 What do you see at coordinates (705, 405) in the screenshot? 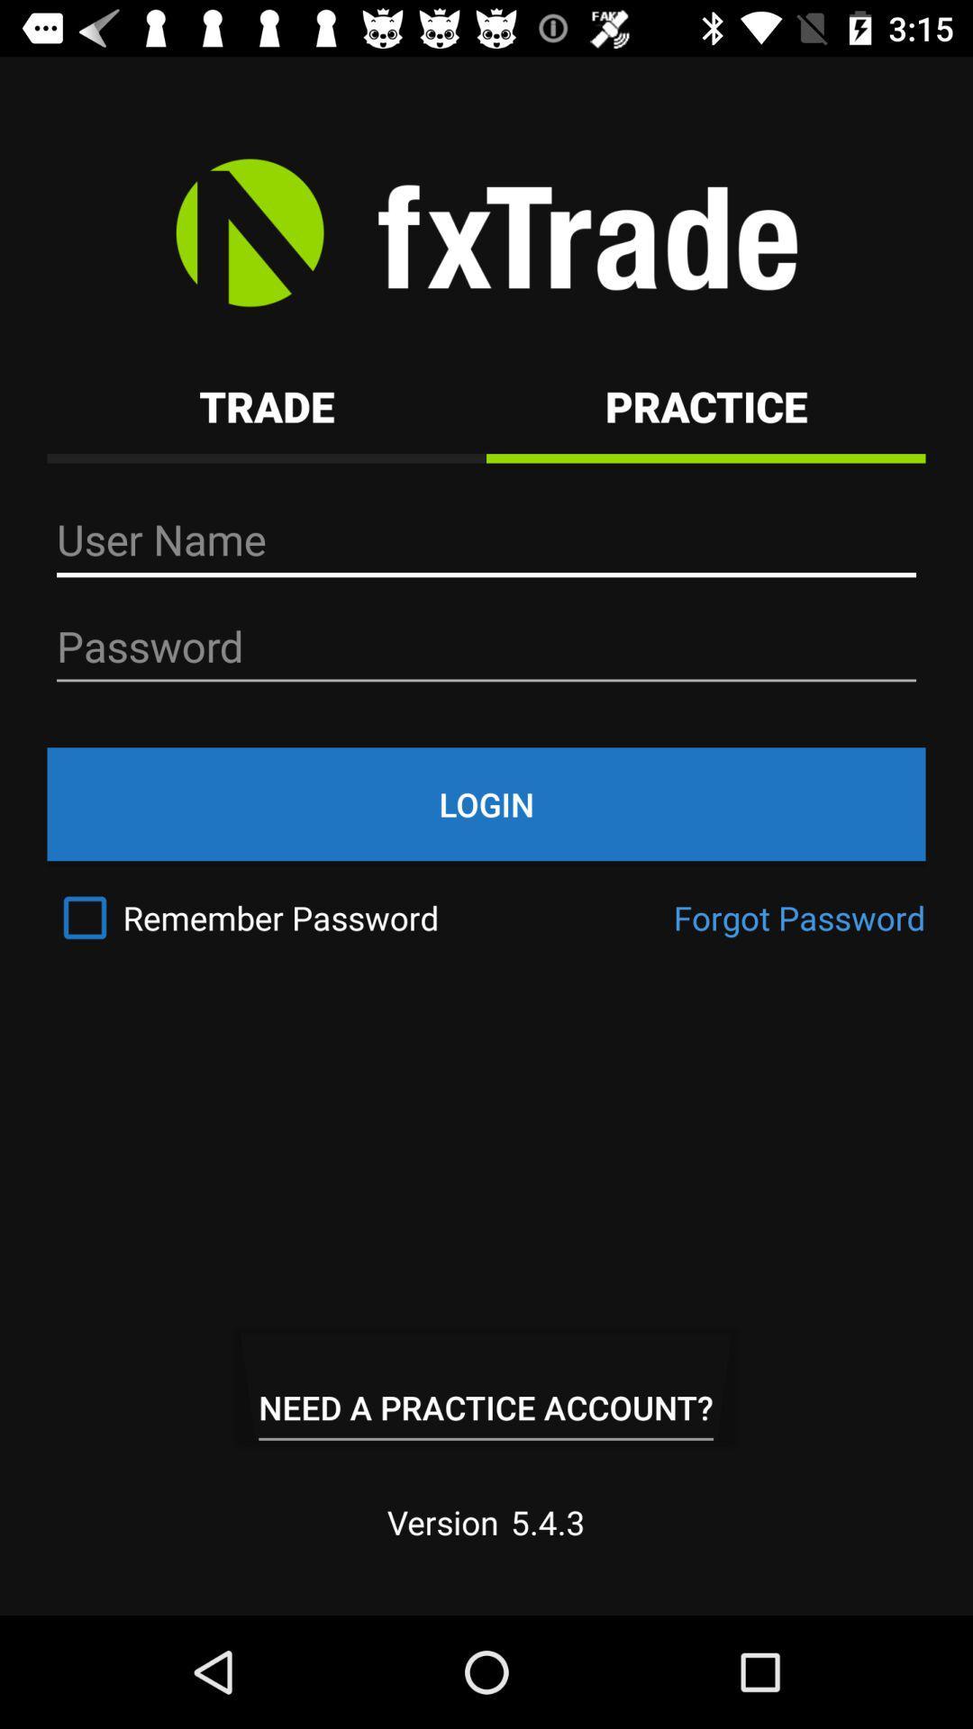
I see `practice` at bounding box center [705, 405].